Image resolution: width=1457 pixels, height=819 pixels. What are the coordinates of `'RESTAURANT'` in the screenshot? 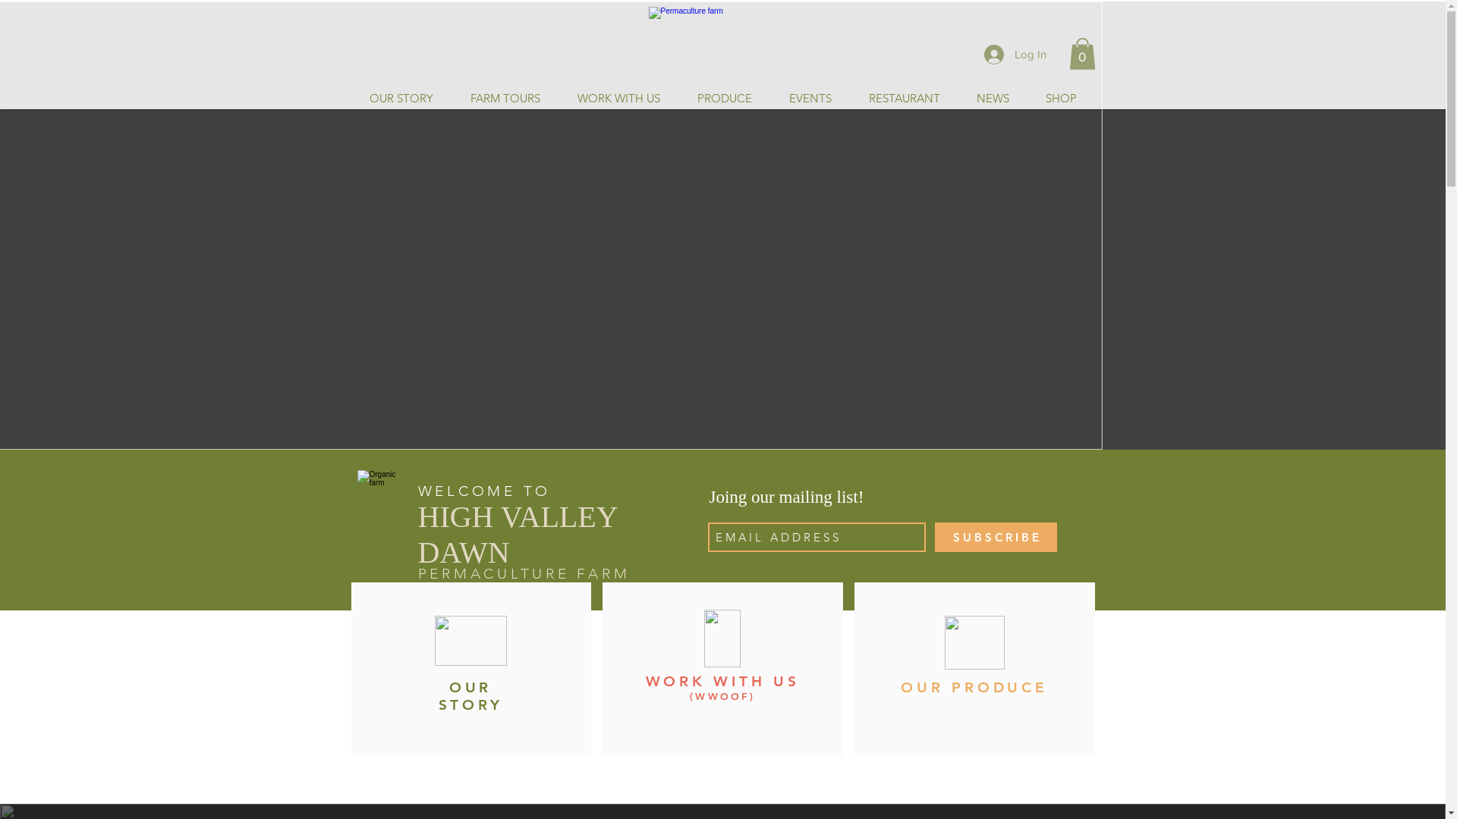 It's located at (848, 99).